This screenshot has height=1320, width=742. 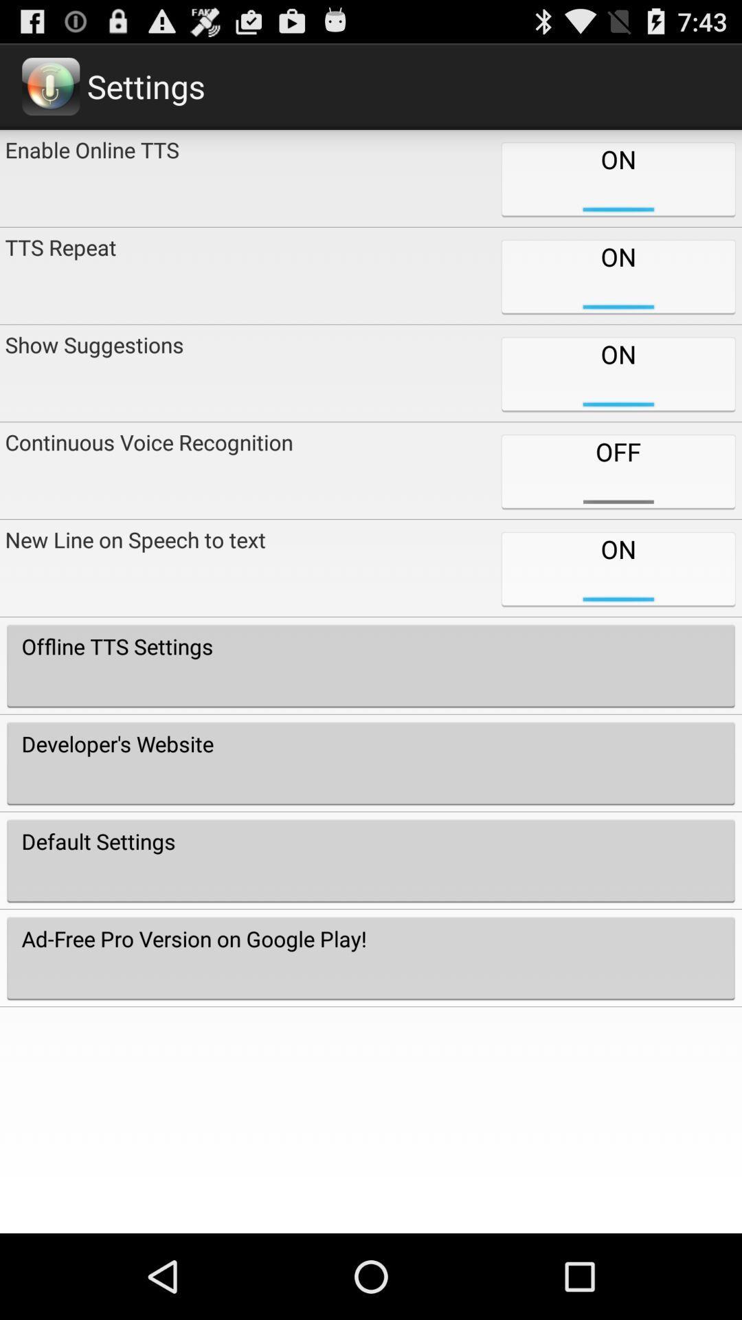 I want to click on off, so click(x=617, y=471).